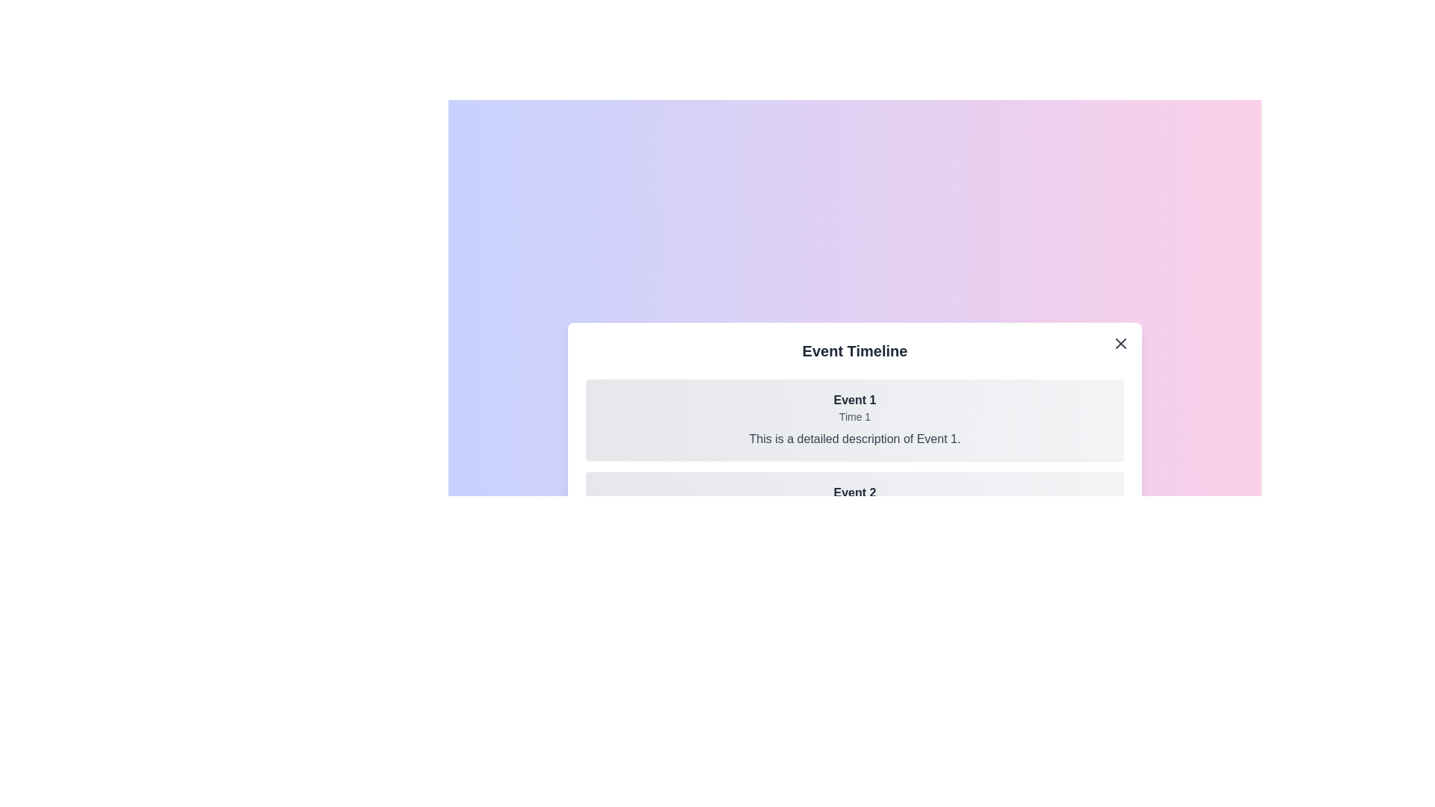  What do you see at coordinates (854, 438) in the screenshot?
I see `the text 'This is a detailed description of Event 1.' in the first event description` at bounding box center [854, 438].